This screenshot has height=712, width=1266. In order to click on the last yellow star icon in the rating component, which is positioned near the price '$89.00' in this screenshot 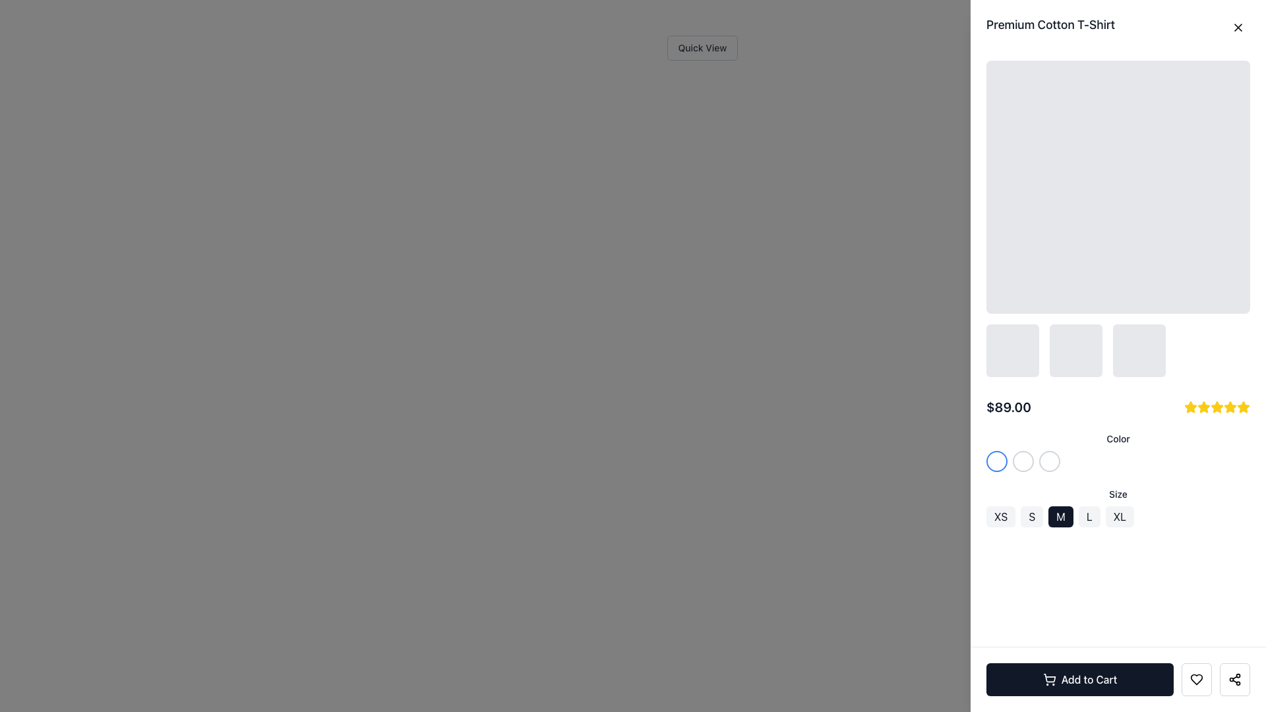, I will do `click(1243, 406)`.